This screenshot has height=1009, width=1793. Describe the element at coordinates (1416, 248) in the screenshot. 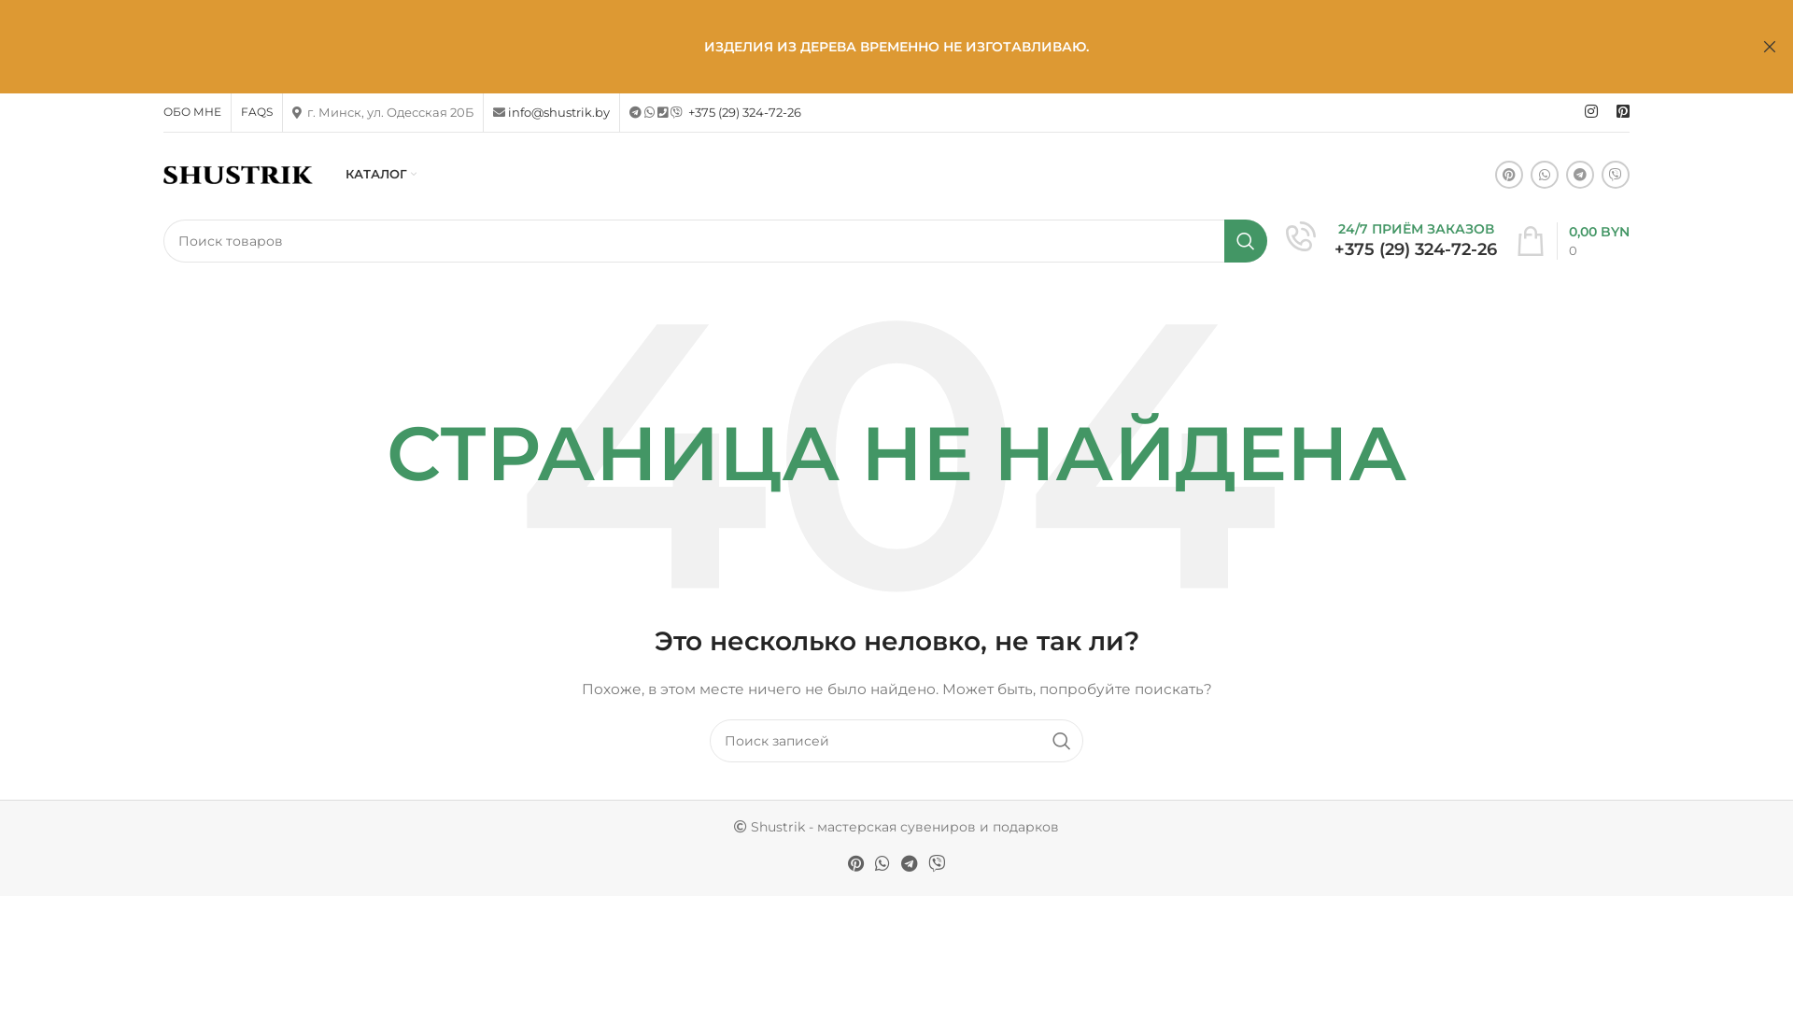

I see `'+375 (29) 324-72-26'` at that location.